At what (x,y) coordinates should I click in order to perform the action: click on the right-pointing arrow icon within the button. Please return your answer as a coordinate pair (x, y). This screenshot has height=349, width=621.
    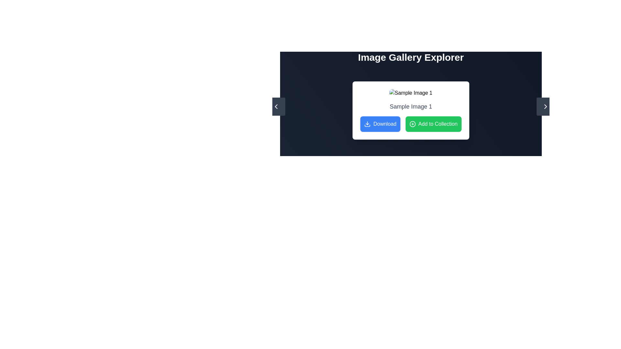
    Looking at the image, I should click on (545, 106).